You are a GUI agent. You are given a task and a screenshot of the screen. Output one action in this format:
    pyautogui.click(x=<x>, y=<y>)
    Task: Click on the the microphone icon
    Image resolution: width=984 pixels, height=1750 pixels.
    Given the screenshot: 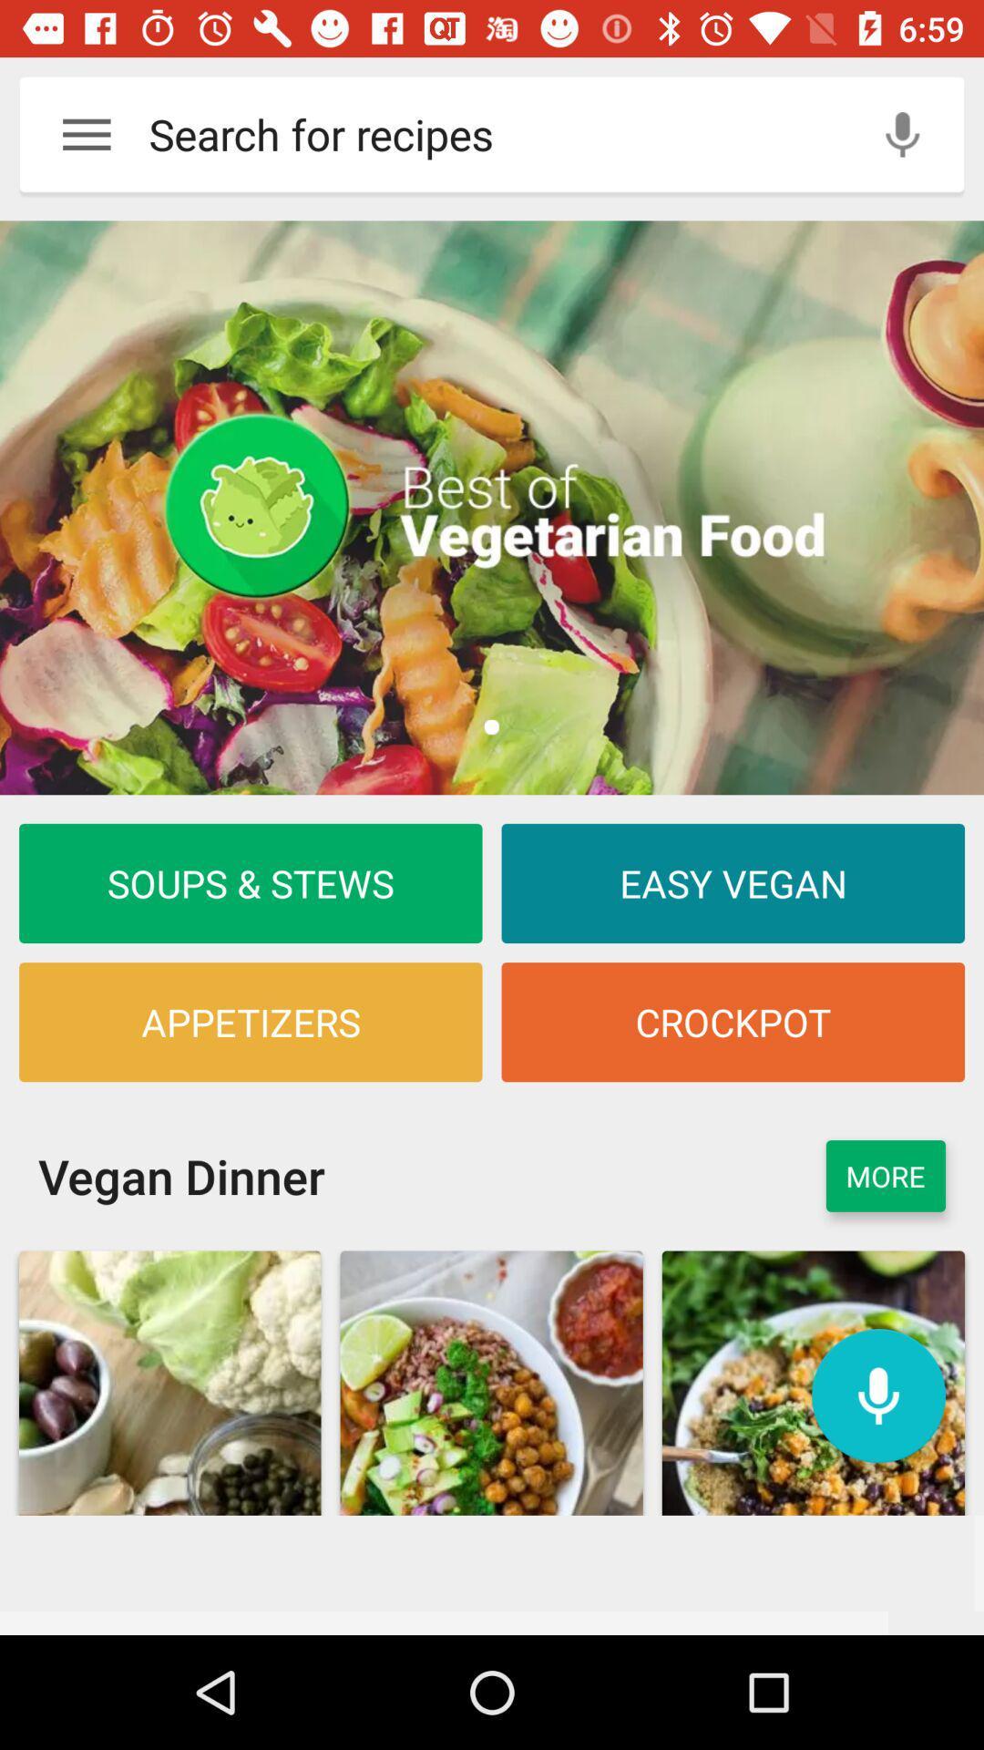 What is the action you would take?
    pyautogui.click(x=902, y=133)
    